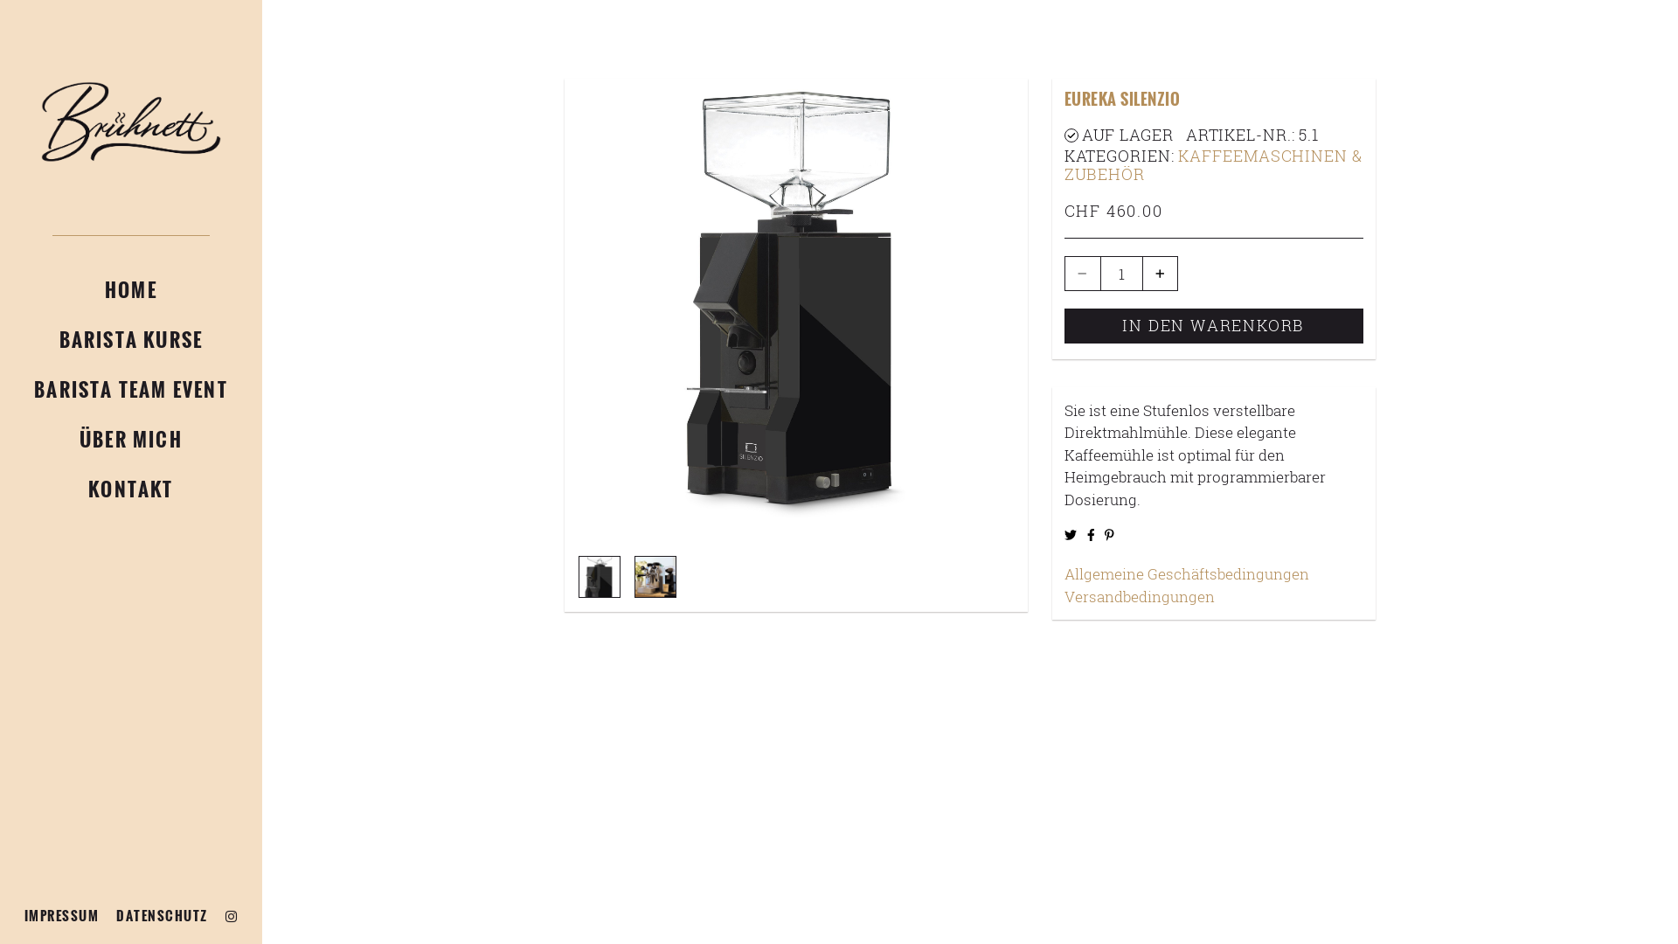 Image resolution: width=1678 pixels, height=944 pixels. Describe the element at coordinates (1070, 134) in the screenshot. I see `'Auf Lager'` at that location.